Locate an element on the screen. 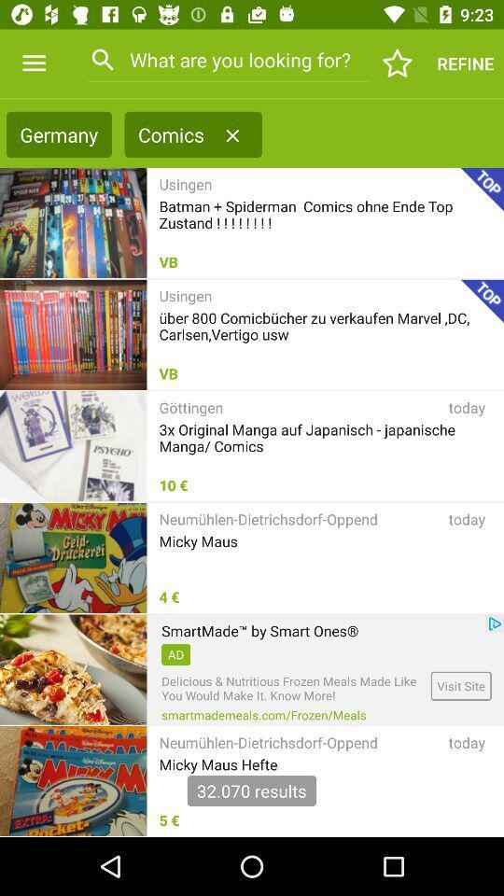 This screenshot has width=504, height=896. the icon above the ad item is located at coordinates (259, 630).